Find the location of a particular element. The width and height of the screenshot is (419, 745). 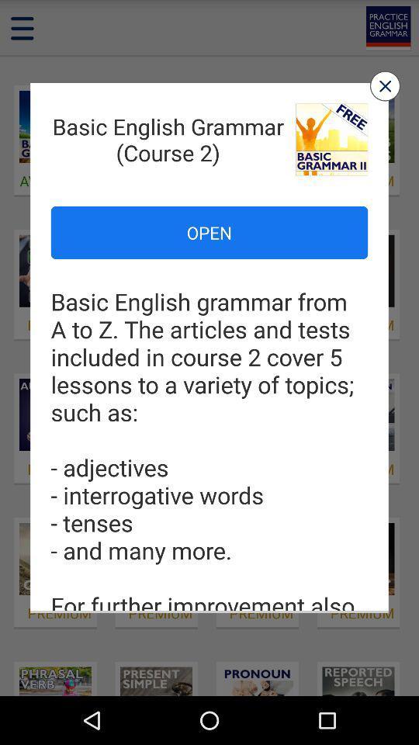

the close icon is located at coordinates (384, 92).